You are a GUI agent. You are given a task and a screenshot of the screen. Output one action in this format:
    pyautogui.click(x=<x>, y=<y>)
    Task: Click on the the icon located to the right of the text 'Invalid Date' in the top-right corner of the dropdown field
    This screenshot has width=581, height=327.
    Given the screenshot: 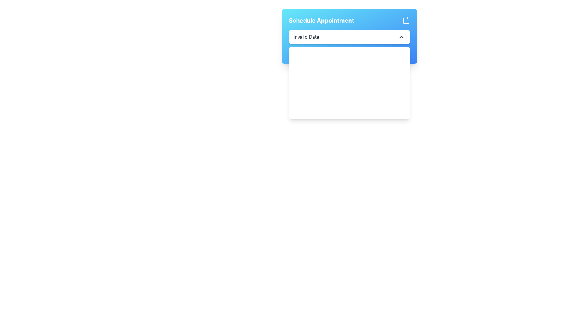 What is the action you would take?
    pyautogui.click(x=401, y=37)
    